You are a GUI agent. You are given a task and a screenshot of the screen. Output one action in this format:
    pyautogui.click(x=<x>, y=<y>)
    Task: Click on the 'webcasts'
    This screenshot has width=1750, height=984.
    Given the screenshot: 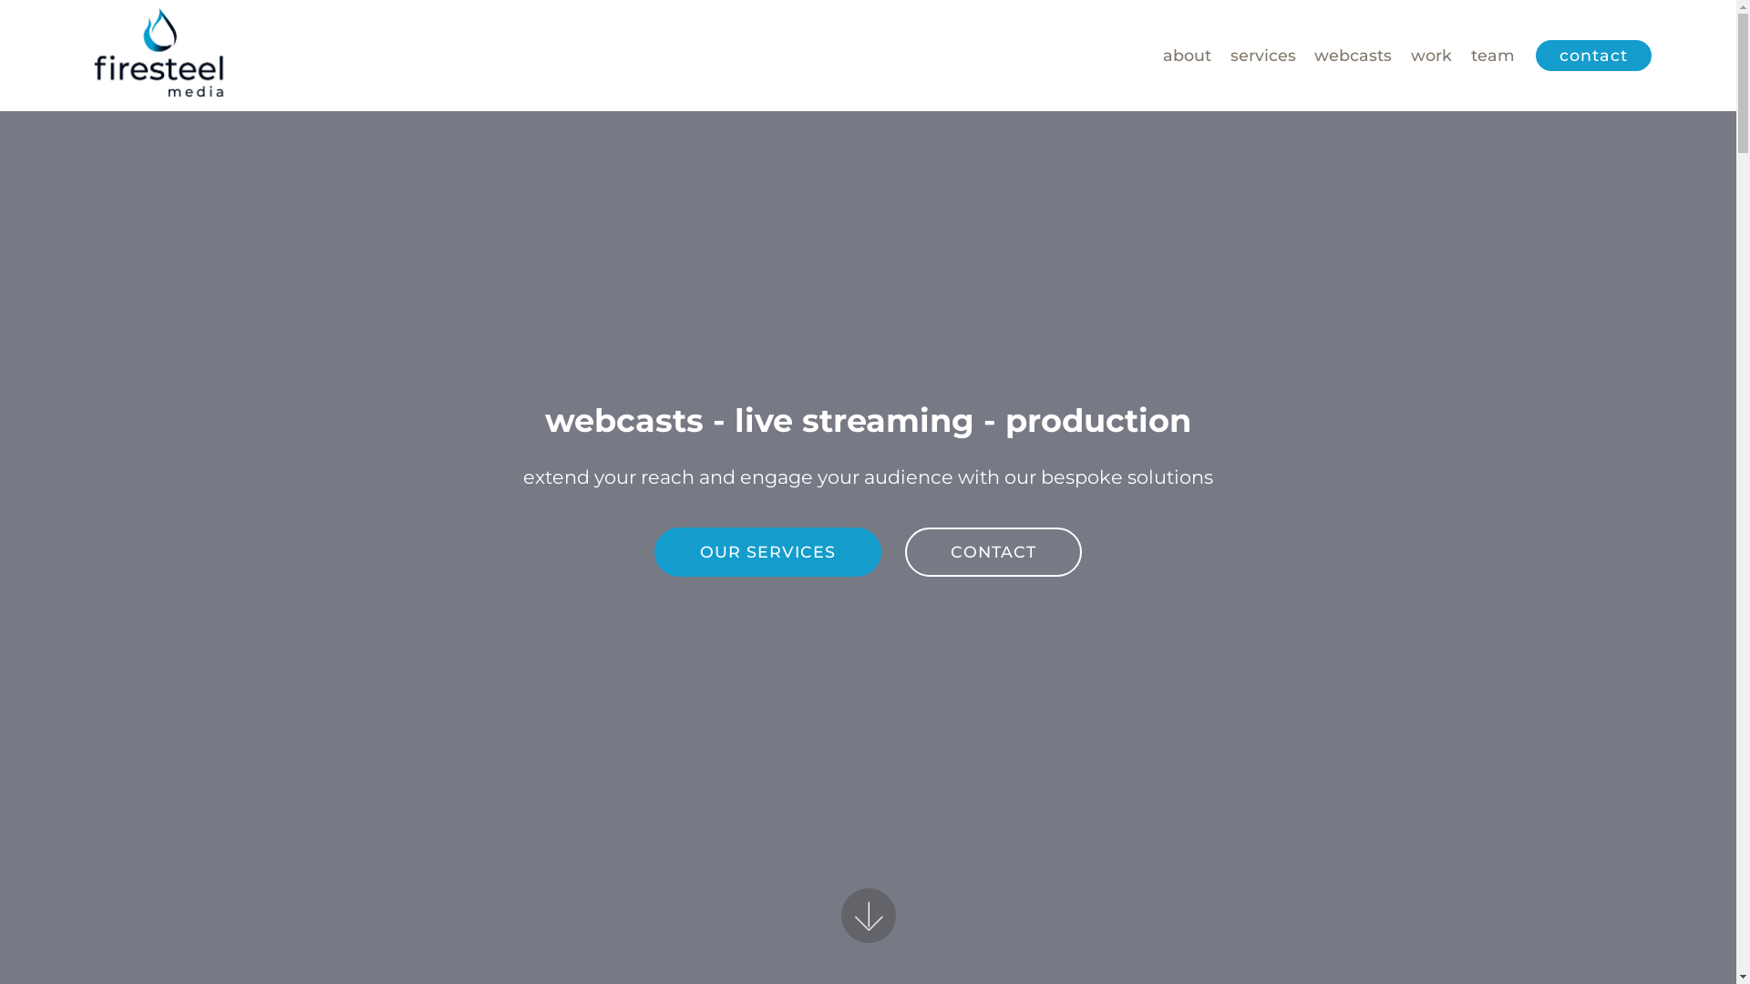 What is the action you would take?
    pyautogui.click(x=1353, y=55)
    